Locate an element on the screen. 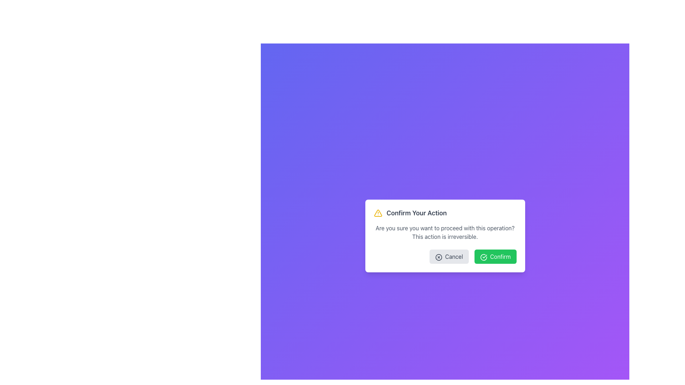 This screenshot has width=685, height=385. the confirmation message text block located in the modal dialog, positioned below the title 'Confirm Your Action' and above the 'Cancel' and 'Confirm' buttons is located at coordinates (445, 232).